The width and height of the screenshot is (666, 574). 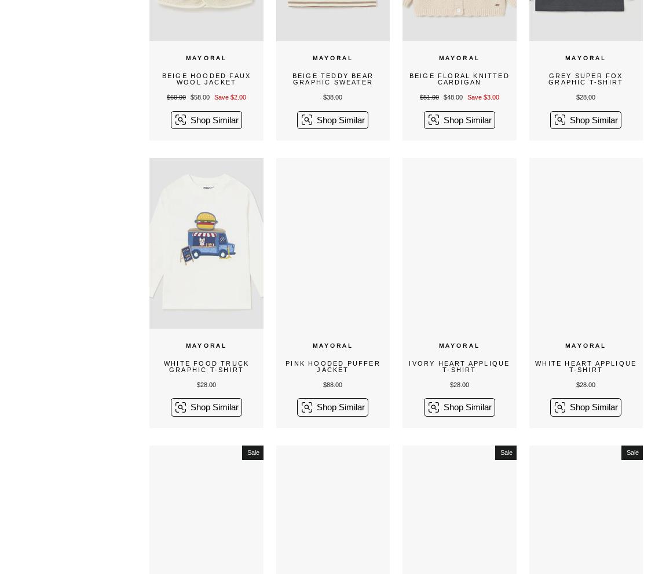 What do you see at coordinates (482, 97) in the screenshot?
I see `'Save $3.00'` at bounding box center [482, 97].